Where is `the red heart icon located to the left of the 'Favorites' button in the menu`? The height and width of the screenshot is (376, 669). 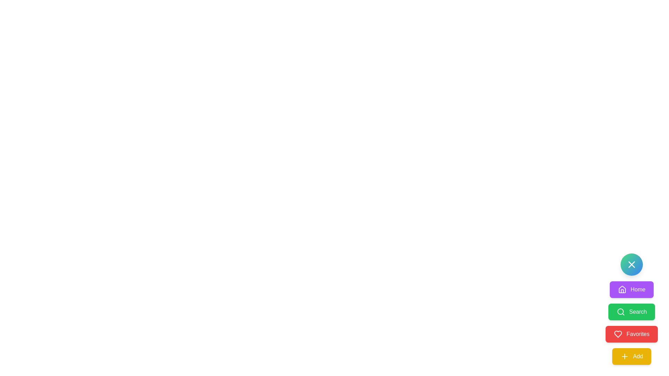 the red heart icon located to the left of the 'Favorites' button in the menu is located at coordinates (618, 334).